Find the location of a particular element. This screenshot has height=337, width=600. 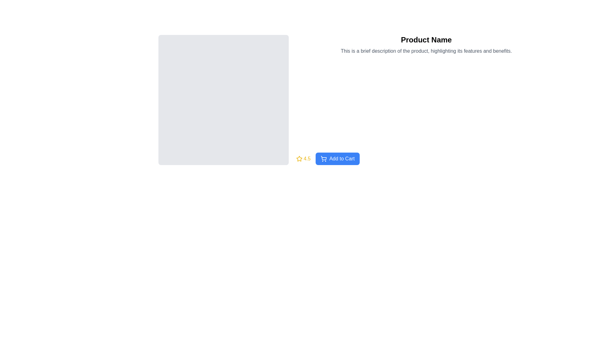

the five-pointed star icon outlined in yellow that represents the rating feature, located directly to the left of the numeric rating value '4.5' is located at coordinates (299, 158).